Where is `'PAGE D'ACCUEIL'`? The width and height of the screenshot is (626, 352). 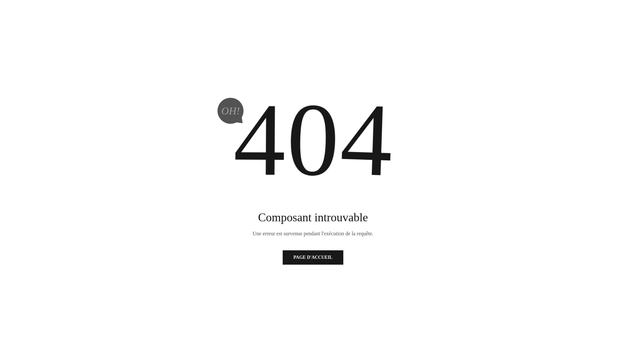 'PAGE D'ACCUEIL' is located at coordinates (313, 257).